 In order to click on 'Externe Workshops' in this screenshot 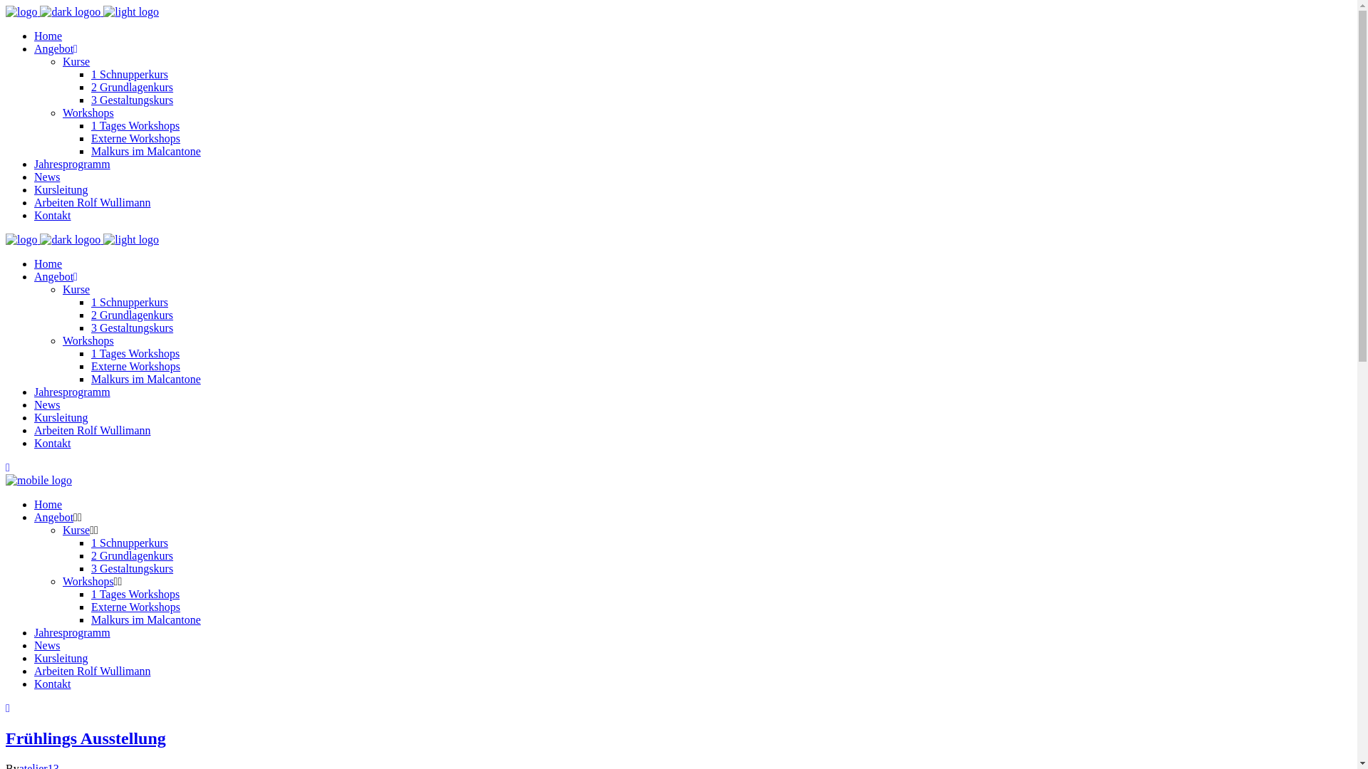, I will do `click(90, 365)`.